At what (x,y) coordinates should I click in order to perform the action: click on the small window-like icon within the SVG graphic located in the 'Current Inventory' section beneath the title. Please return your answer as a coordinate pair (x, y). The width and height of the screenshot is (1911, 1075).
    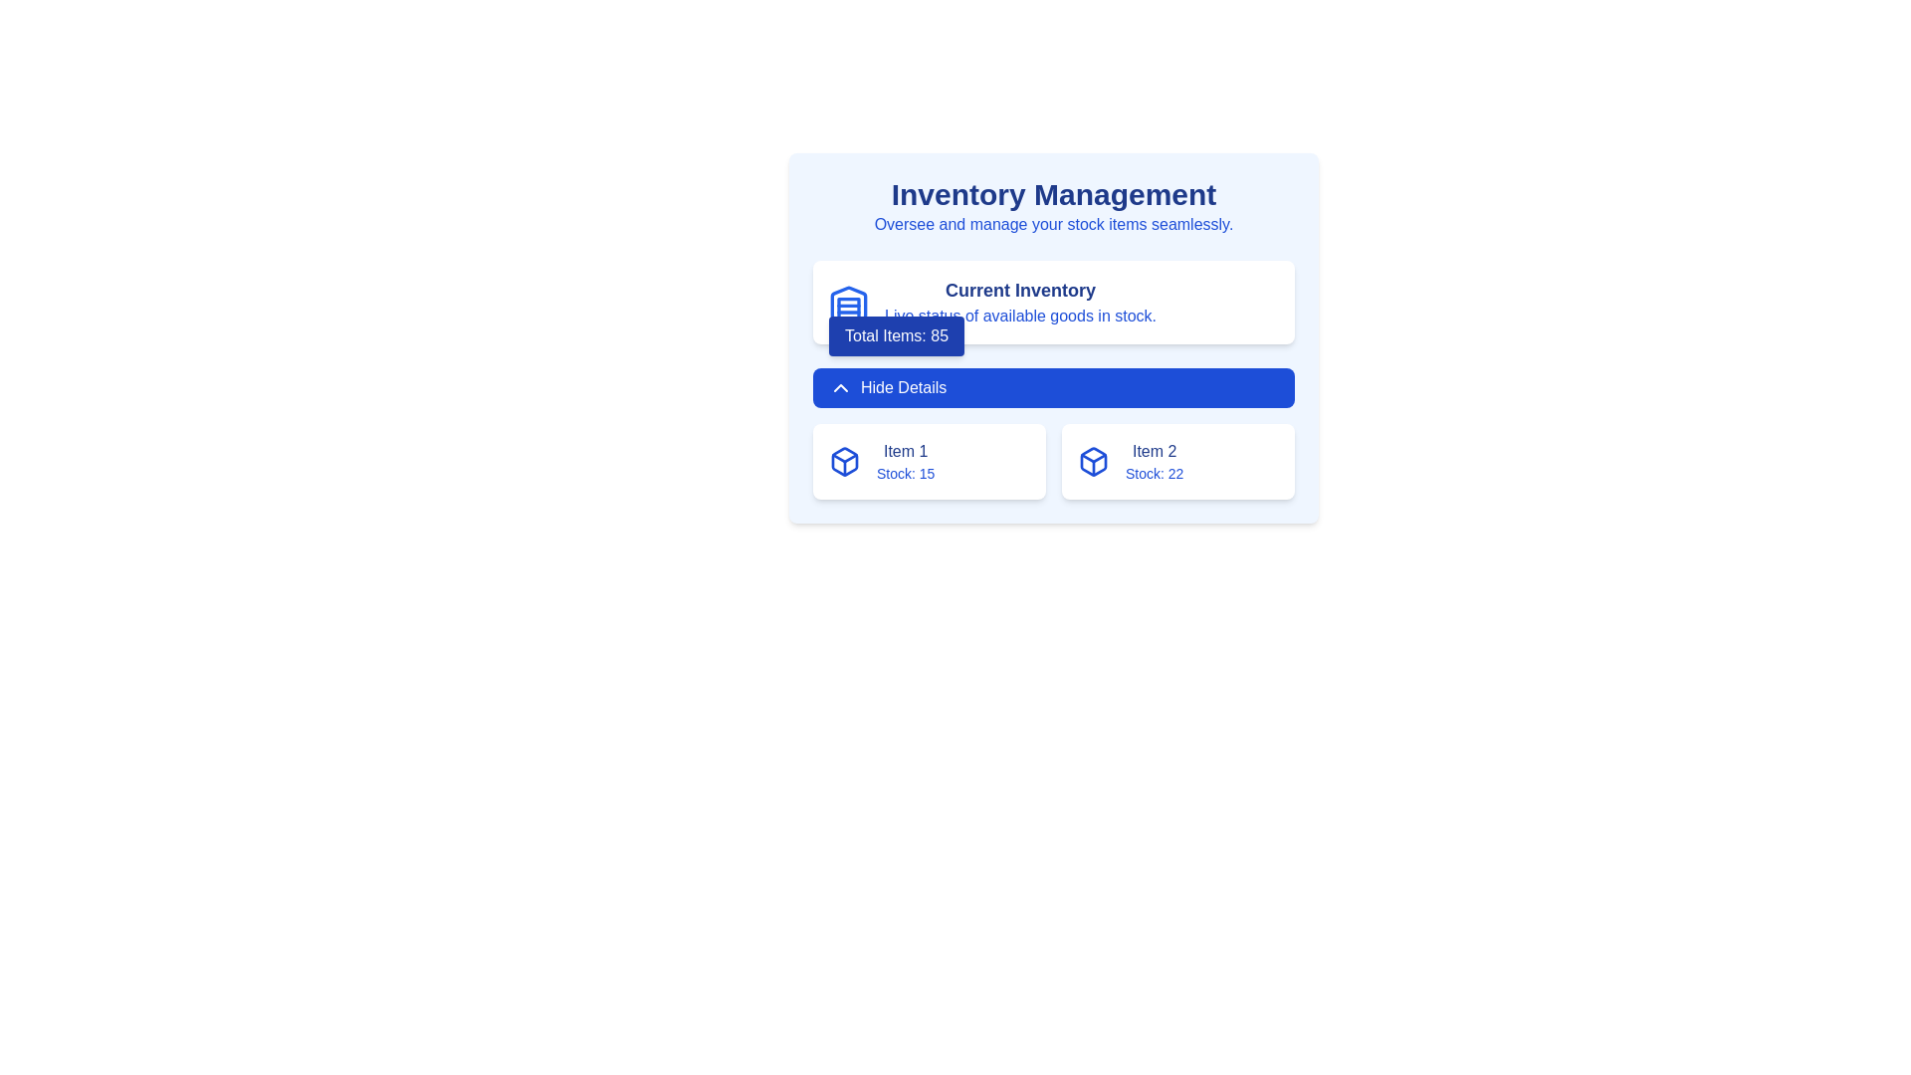
    Looking at the image, I should click on (849, 308).